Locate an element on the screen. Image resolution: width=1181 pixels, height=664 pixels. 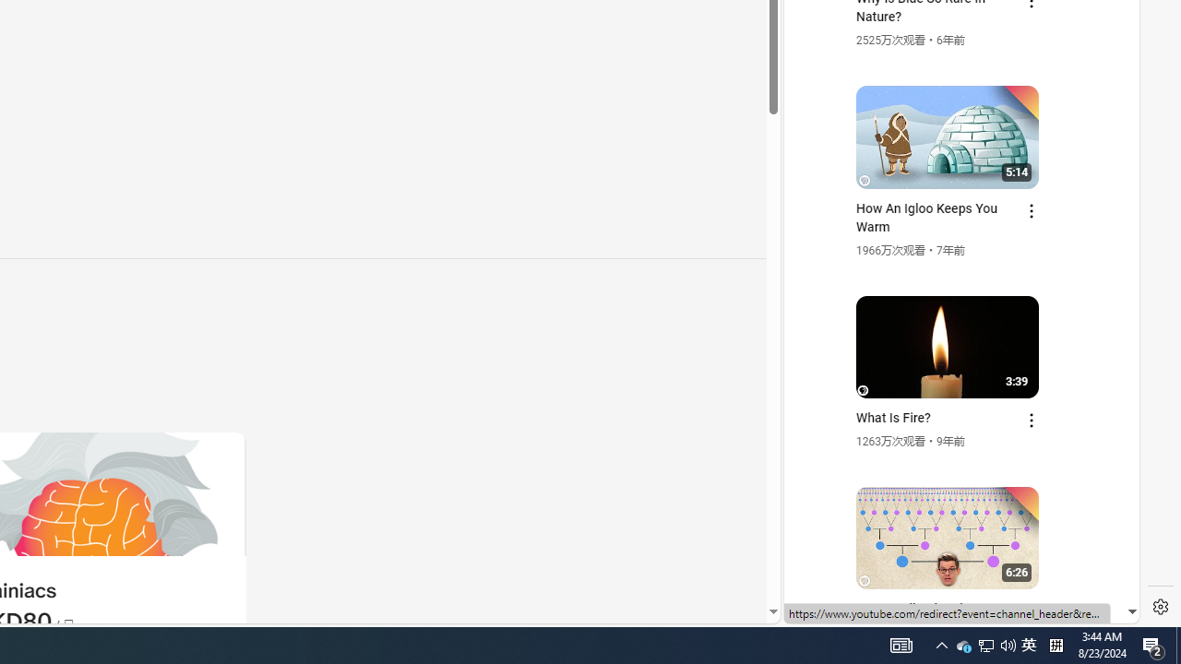
'YouTube - YouTube' is located at coordinates (954, 244).